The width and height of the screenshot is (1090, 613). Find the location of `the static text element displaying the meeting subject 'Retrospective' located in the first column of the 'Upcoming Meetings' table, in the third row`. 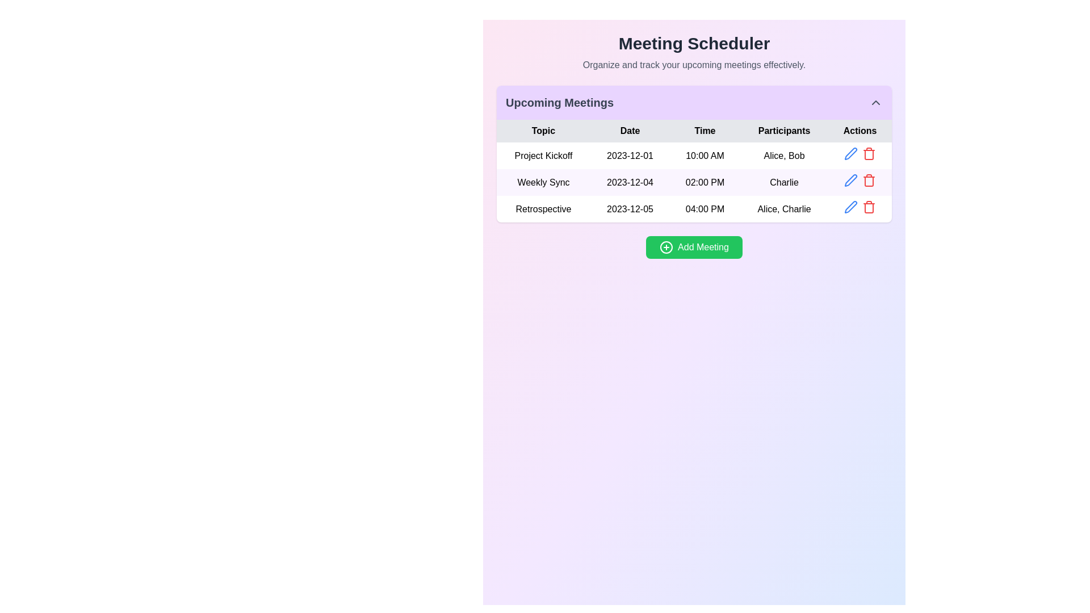

the static text element displaying the meeting subject 'Retrospective' located in the first column of the 'Upcoming Meetings' table, in the third row is located at coordinates (543, 209).